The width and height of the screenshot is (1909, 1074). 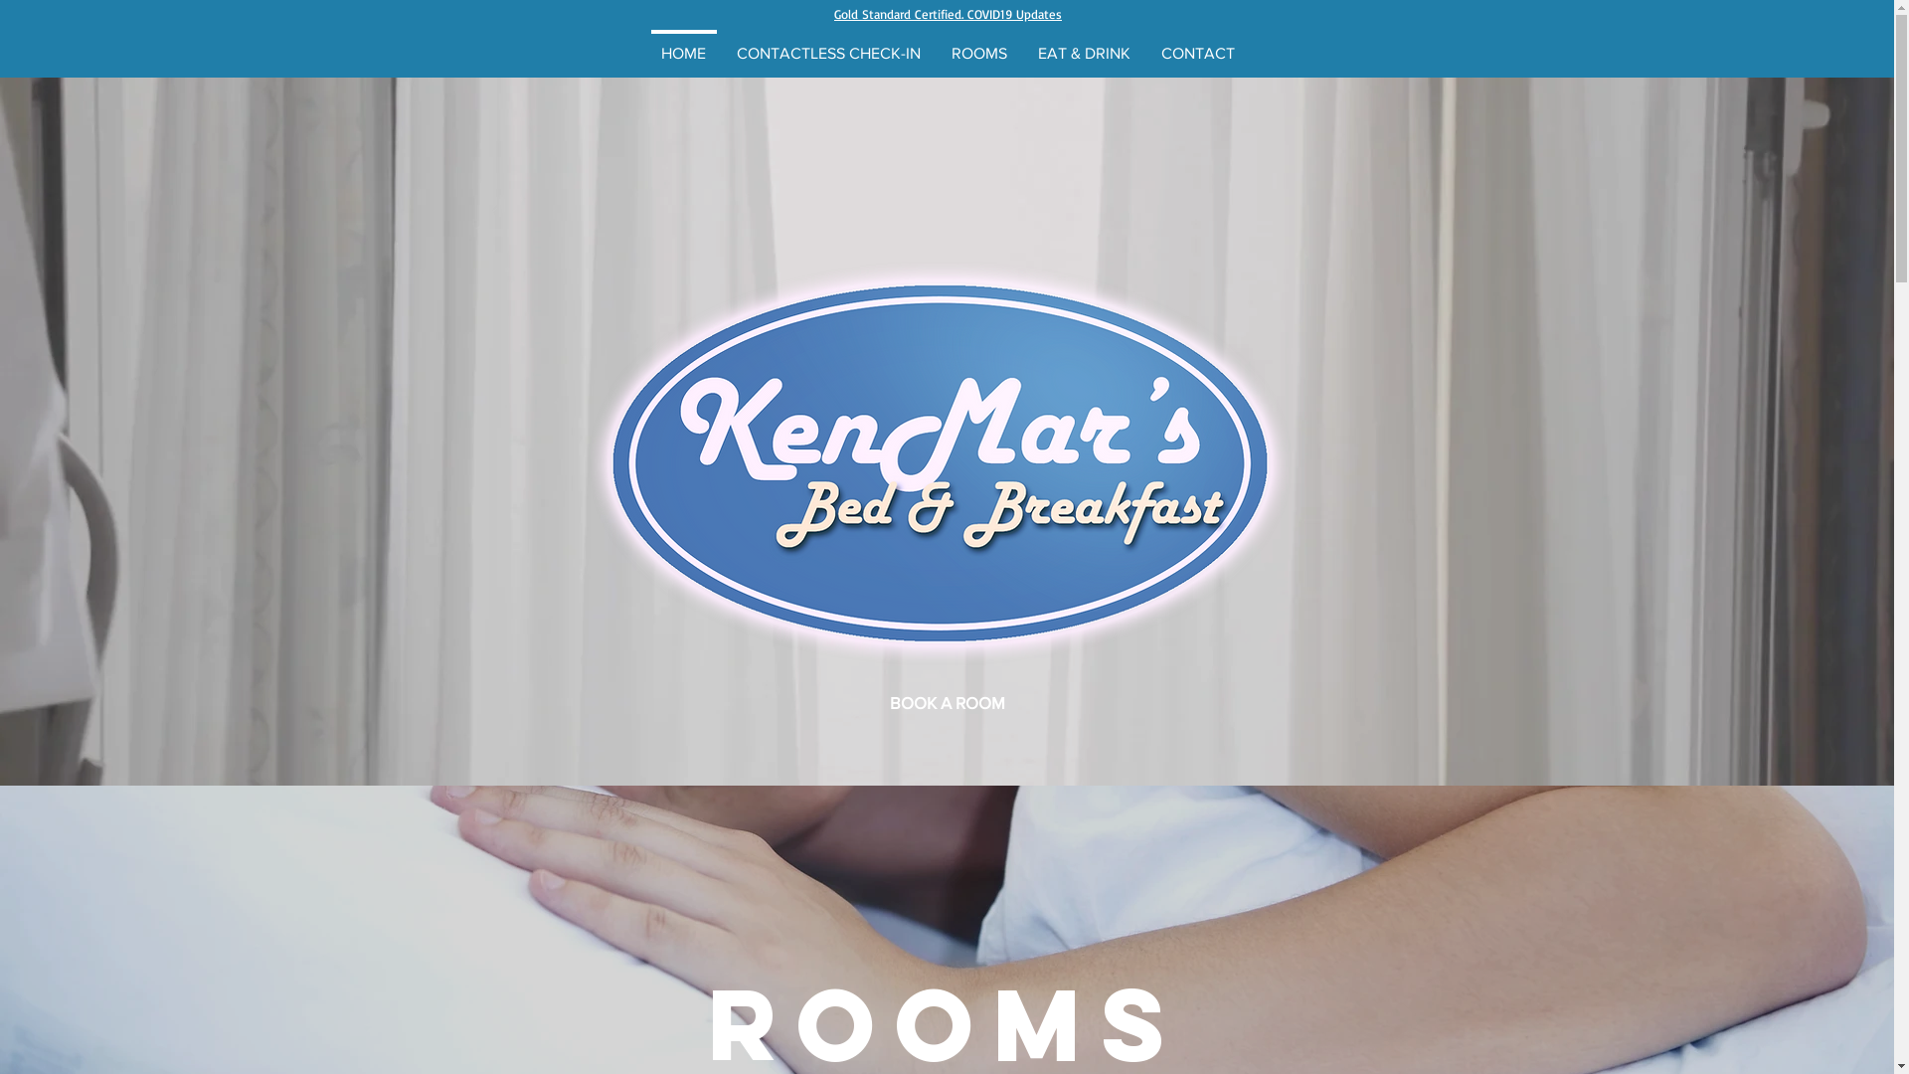 I want to click on 'CONTACTLESS CHECK-IN', so click(x=829, y=44).